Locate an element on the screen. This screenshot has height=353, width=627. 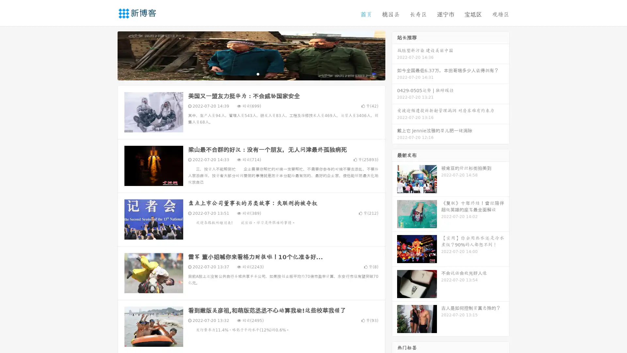
Go to slide 3 is located at coordinates (258, 74).